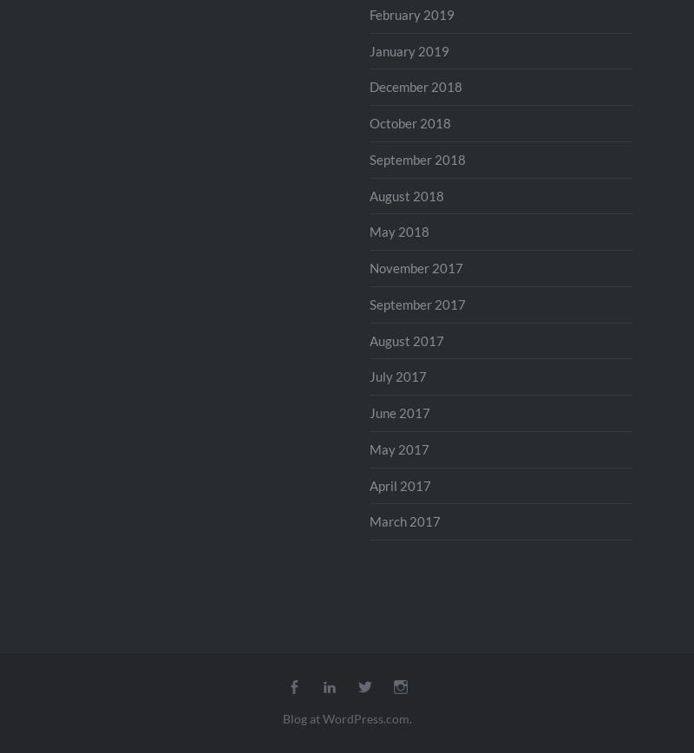 The image size is (694, 753). What do you see at coordinates (416, 86) in the screenshot?
I see `'December 2018'` at bounding box center [416, 86].